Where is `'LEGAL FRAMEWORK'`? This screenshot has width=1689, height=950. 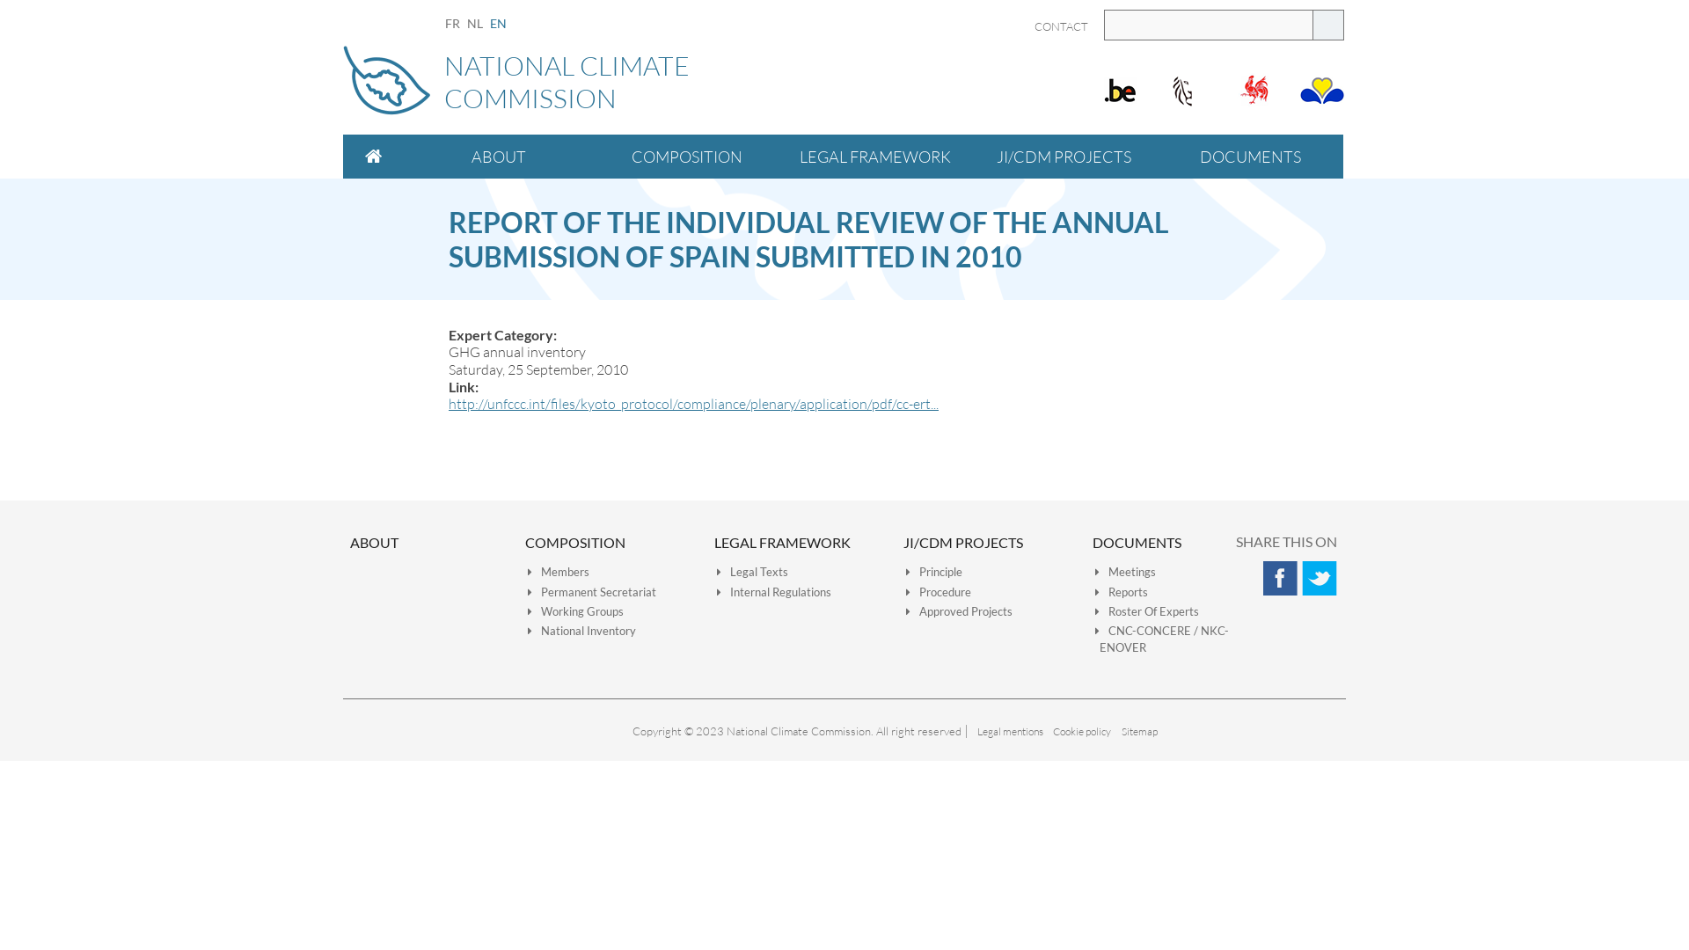
'LEGAL FRAMEWORK' is located at coordinates (874, 155).